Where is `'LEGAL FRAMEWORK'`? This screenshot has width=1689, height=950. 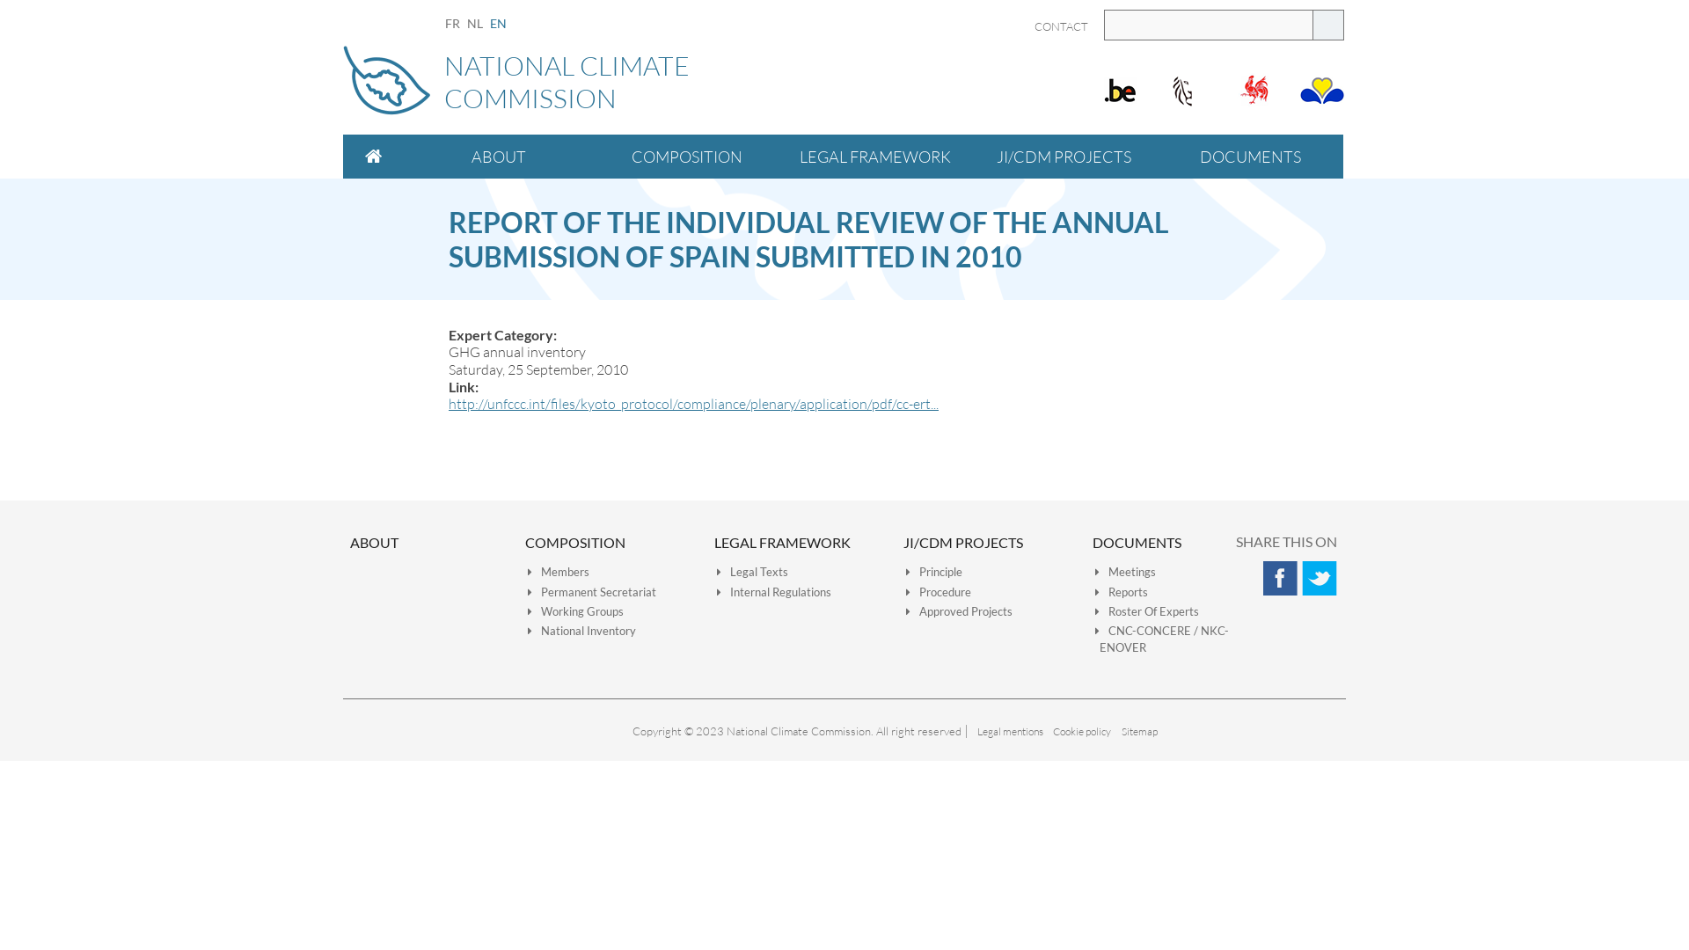
'LEGAL FRAMEWORK' is located at coordinates (874, 155).